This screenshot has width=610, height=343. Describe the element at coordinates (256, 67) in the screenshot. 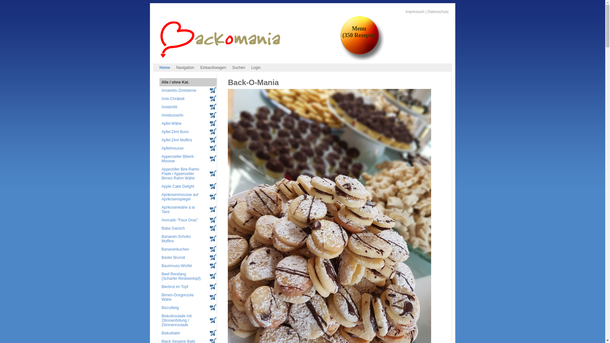

I see `'Login'` at that location.